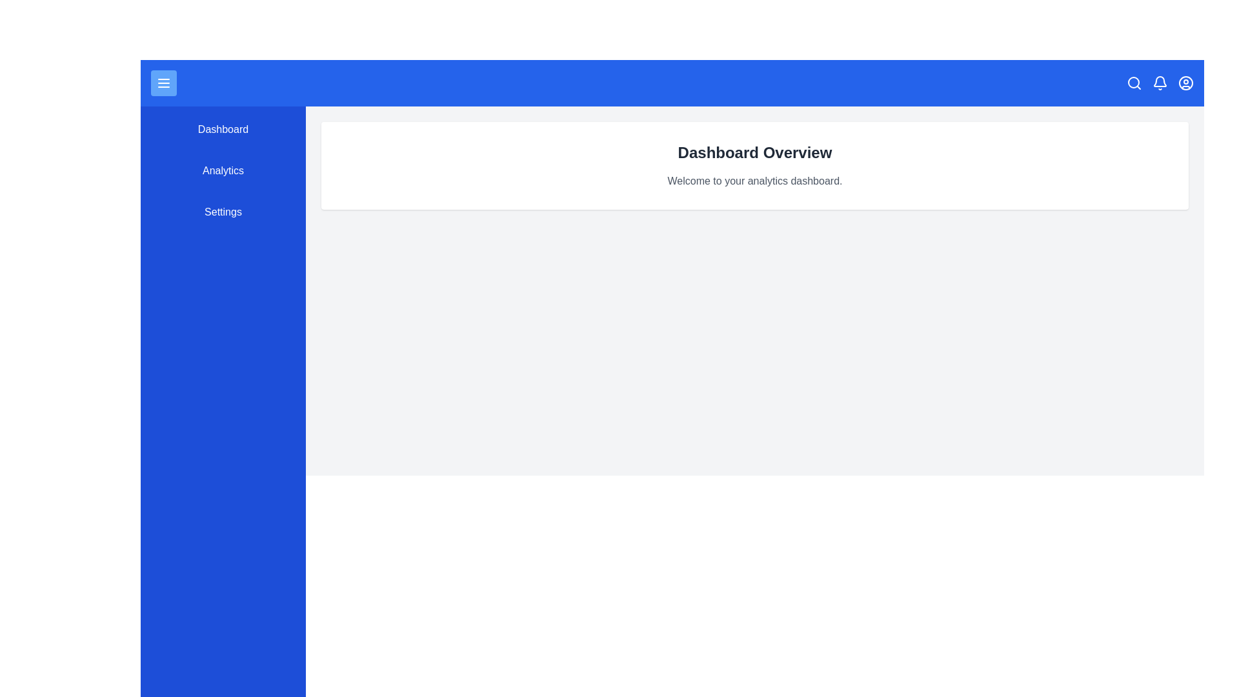 The height and width of the screenshot is (697, 1239). Describe the element at coordinates (223, 129) in the screenshot. I see `the navigation menu item Dashboard` at that location.